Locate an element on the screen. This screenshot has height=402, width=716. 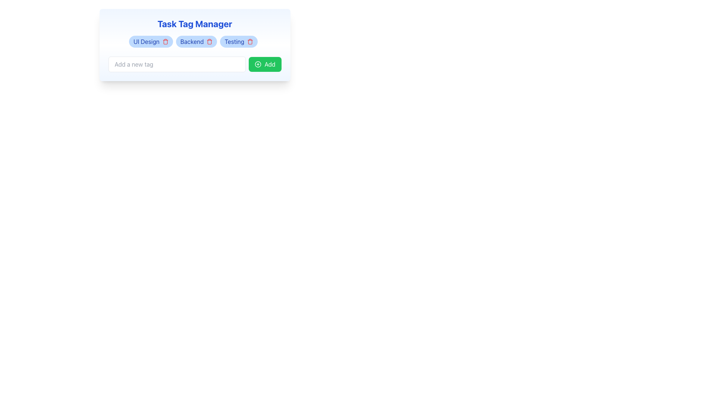
the interactive trash bin button located to the right of the text 'Backend' is located at coordinates (209, 41).